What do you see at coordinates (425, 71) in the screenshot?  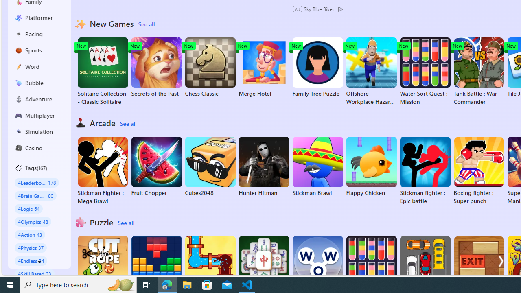 I see `'Water Sort Quest : Mission'` at bounding box center [425, 71].